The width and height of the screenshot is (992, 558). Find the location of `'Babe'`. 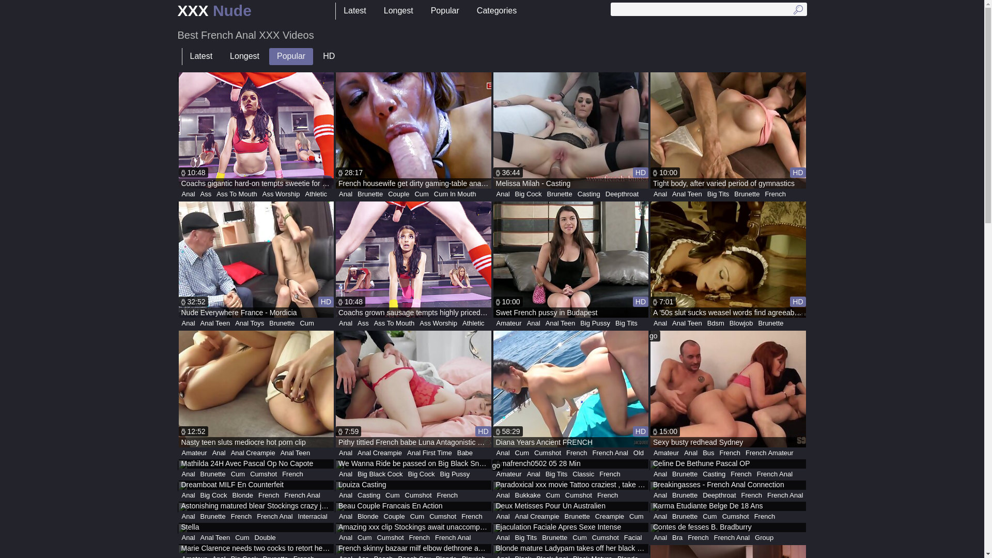

'Babe' is located at coordinates (464, 452).